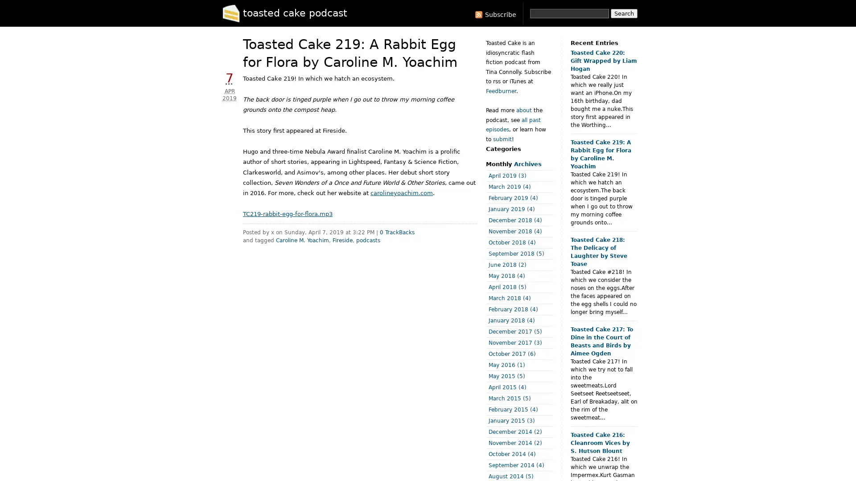 The width and height of the screenshot is (856, 481). What do you see at coordinates (624, 13) in the screenshot?
I see `Search` at bounding box center [624, 13].